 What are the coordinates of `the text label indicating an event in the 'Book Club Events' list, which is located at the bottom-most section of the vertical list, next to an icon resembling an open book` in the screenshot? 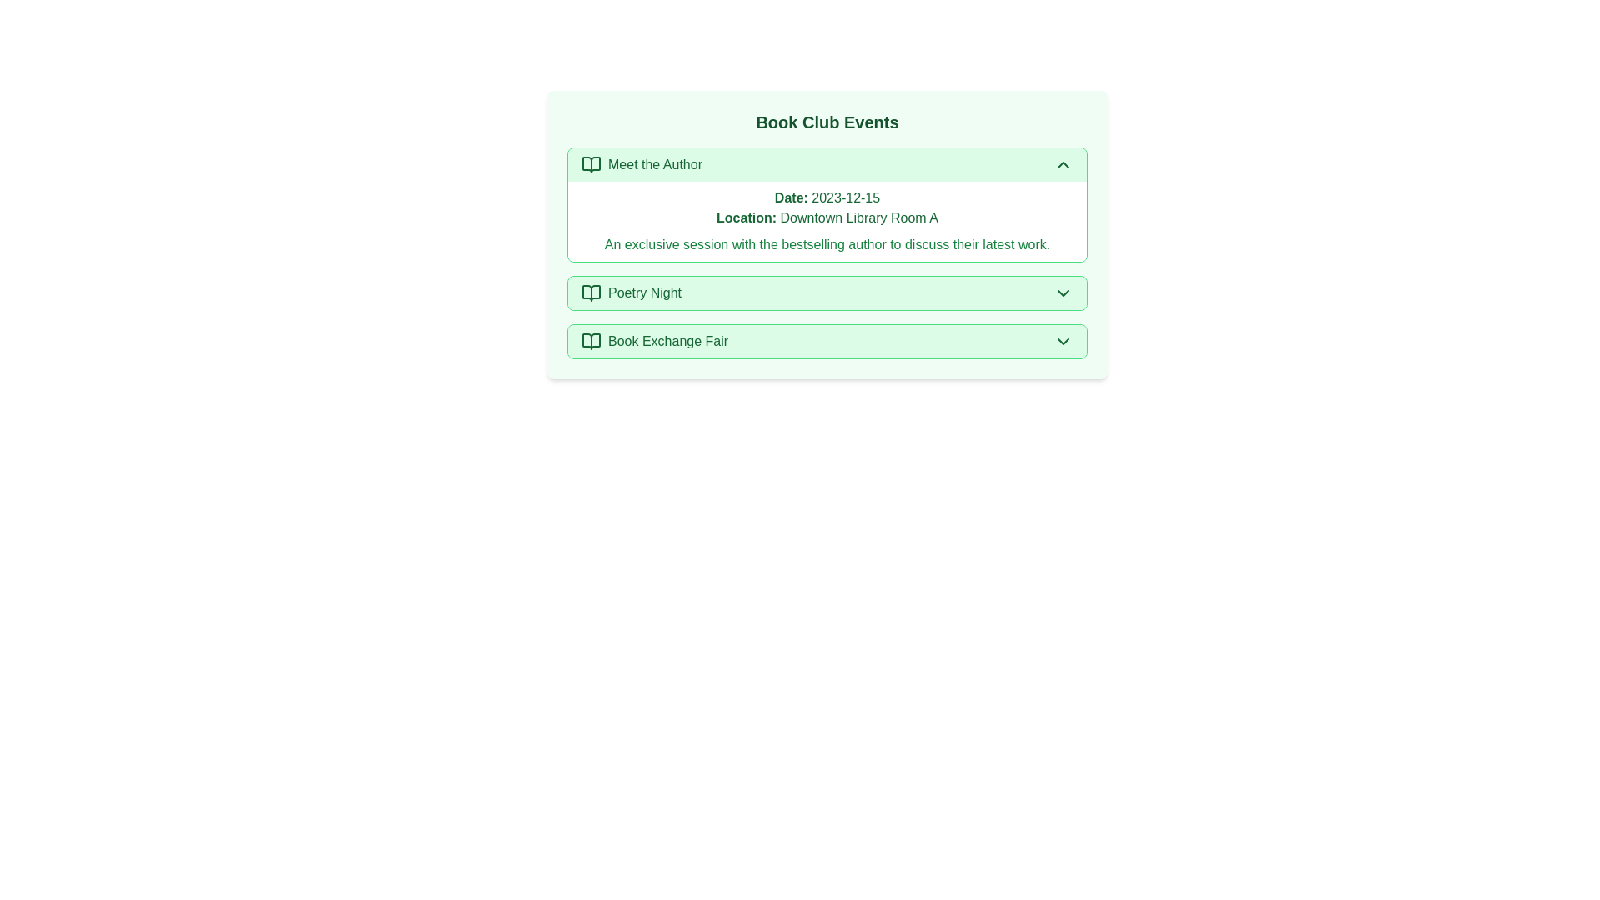 It's located at (667, 340).